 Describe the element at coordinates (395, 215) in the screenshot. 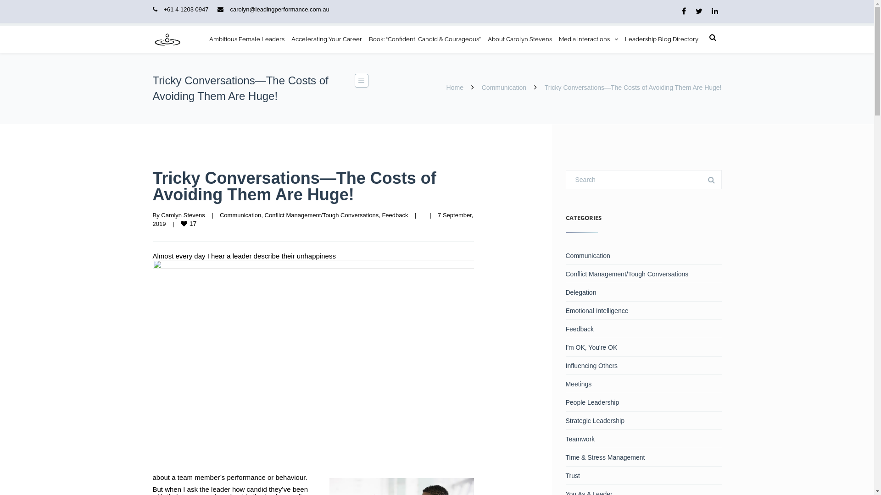

I see `'Feedback'` at that location.